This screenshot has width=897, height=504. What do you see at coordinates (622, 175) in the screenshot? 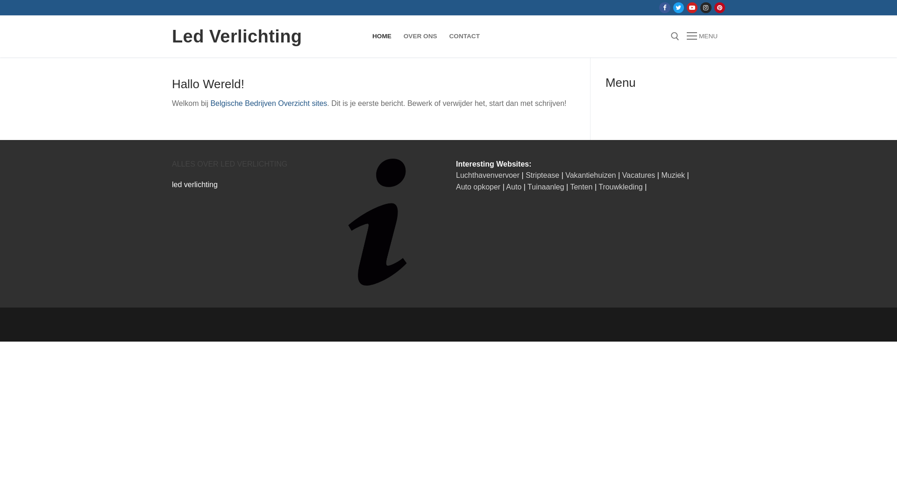
I see `'Vacatures'` at bounding box center [622, 175].